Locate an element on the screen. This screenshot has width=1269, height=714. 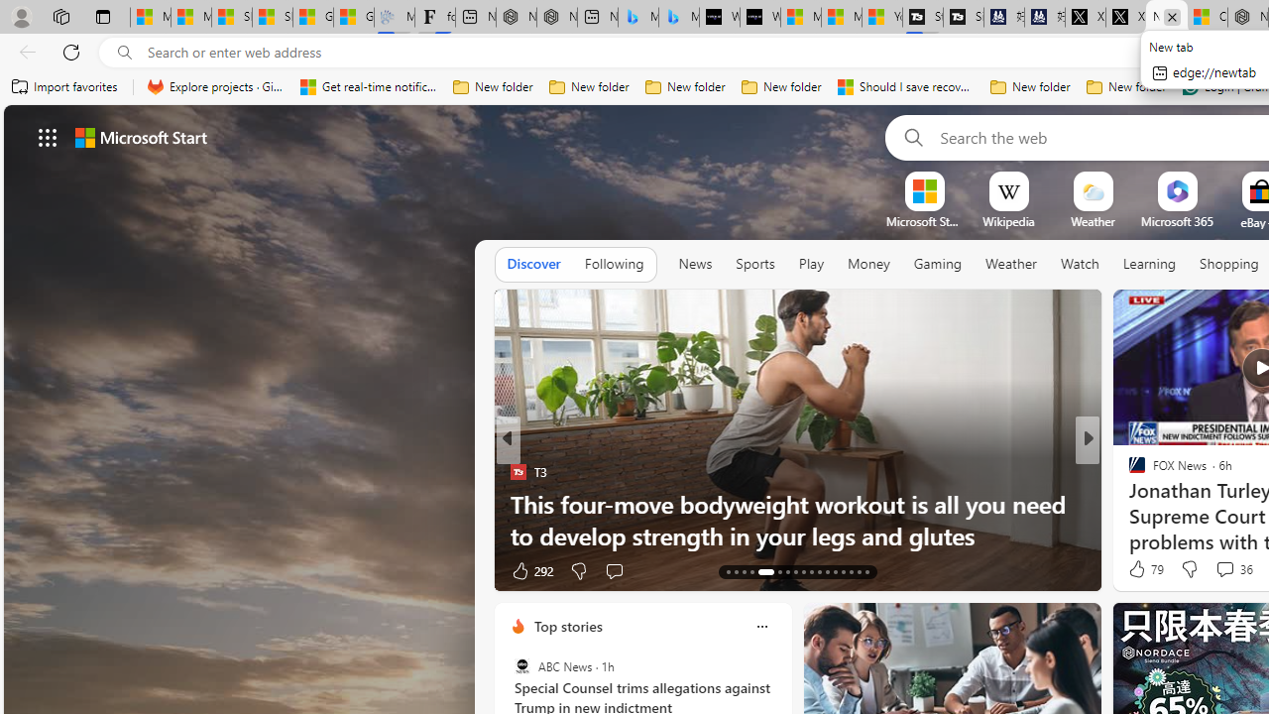
'AutomationID: tab-16' is located at coordinates (750, 572).